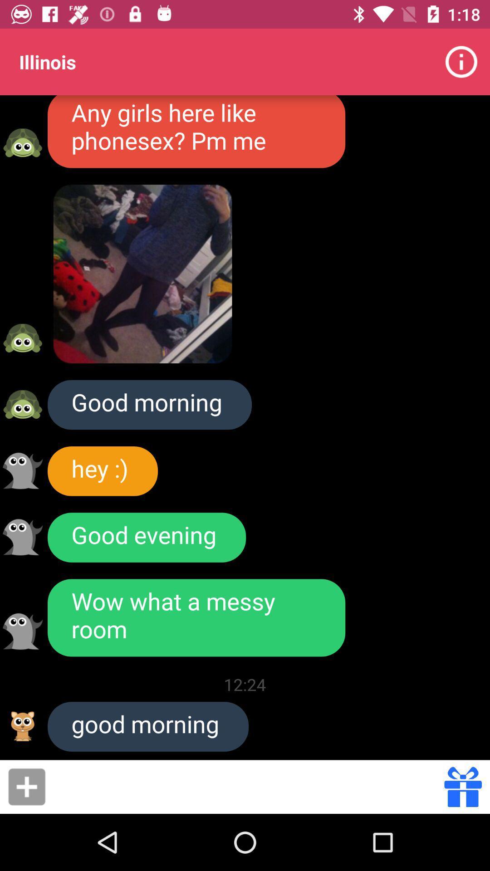 The height and width of the screenshot is (871, 490). Describe the element at coordinates (22, 470) in the screenshot. I see `see icon for selected user` at that location.